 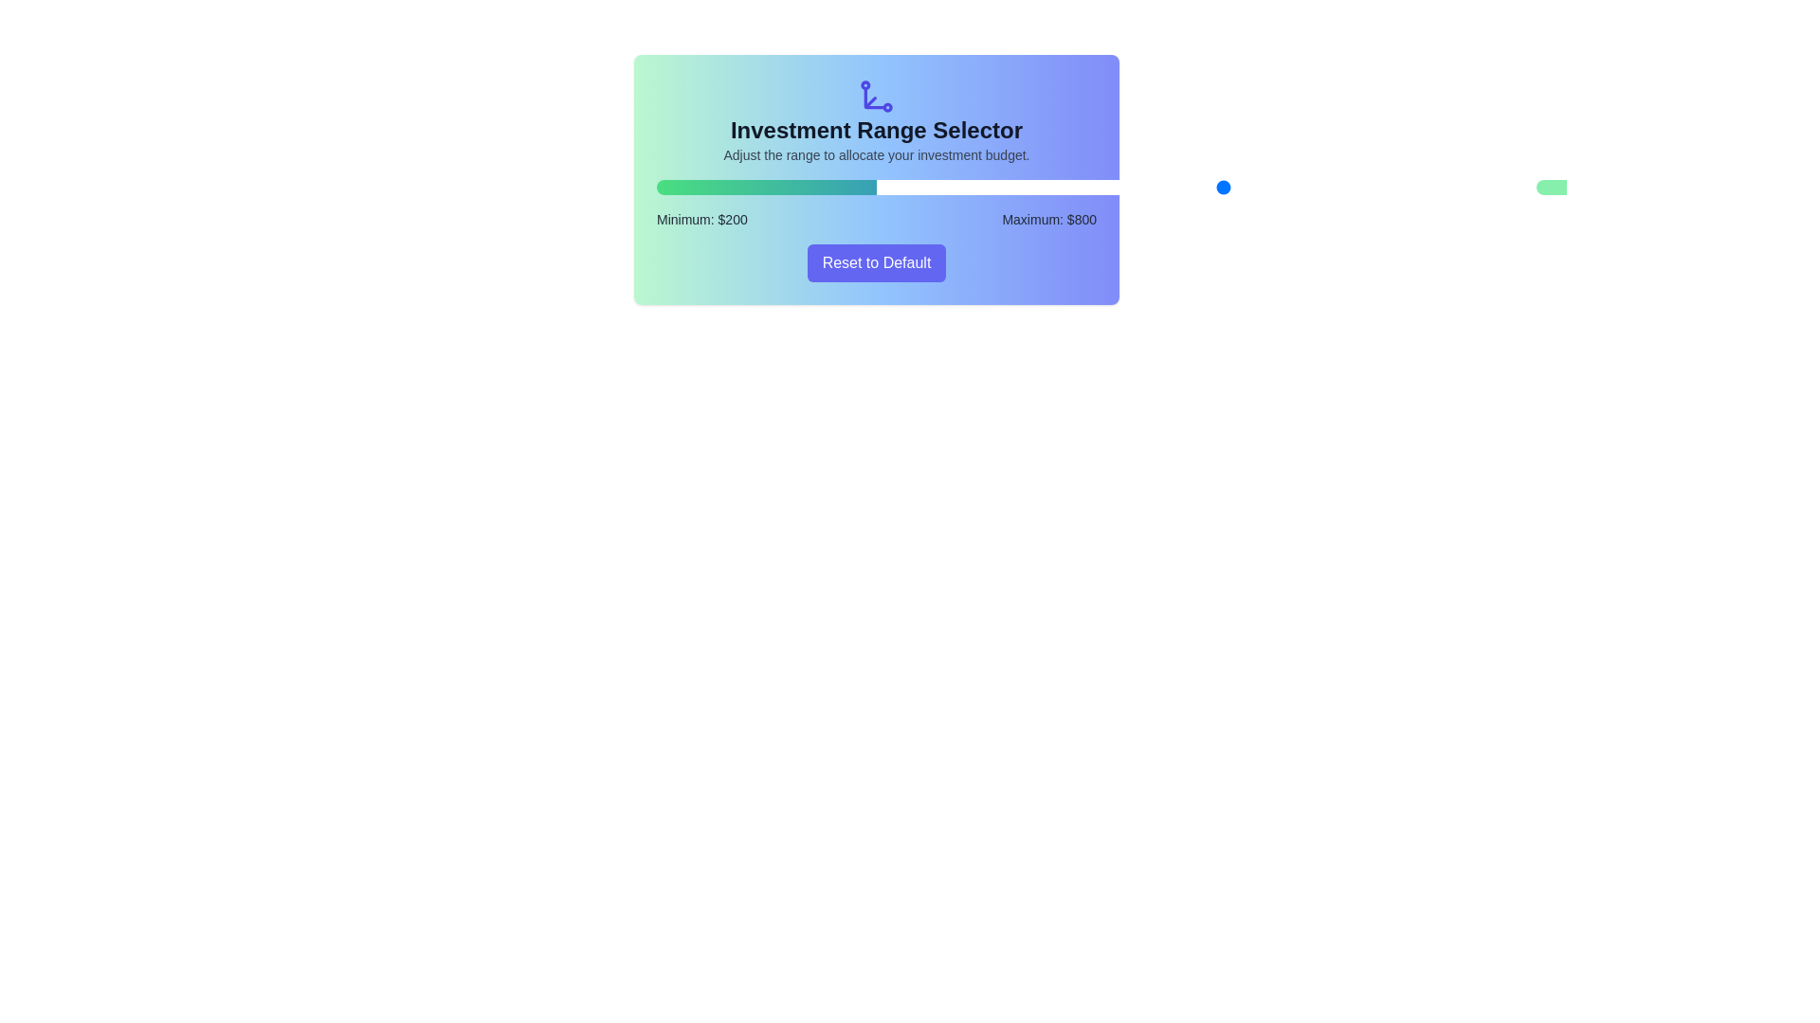 I want to click on the maximum investment range to 247 by dragging the right slider, so click(x=911, y=187).